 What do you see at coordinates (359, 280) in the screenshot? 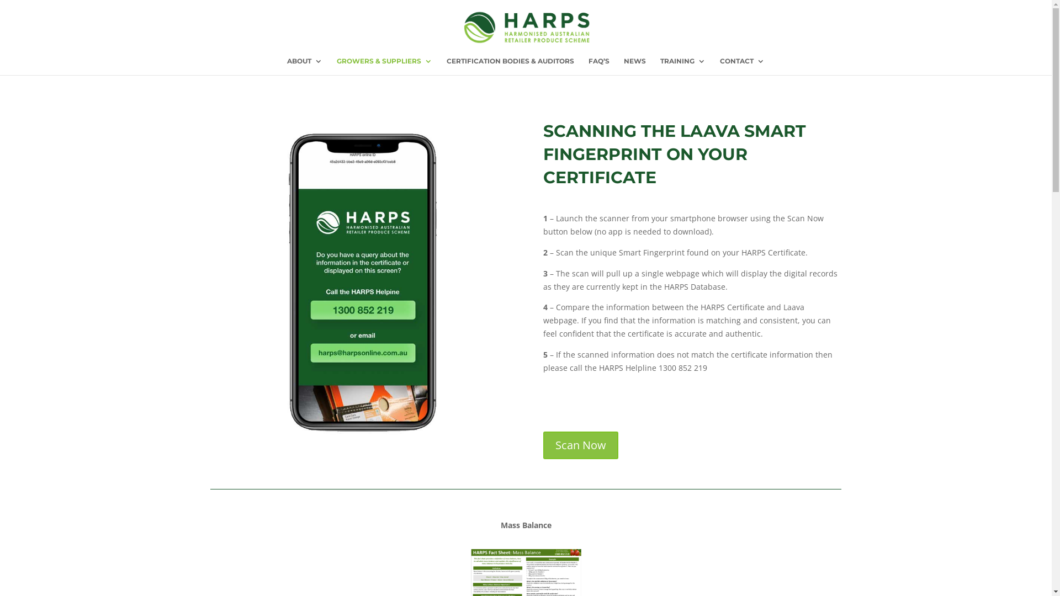
I see `'Laava_Harps_Mobile_Opt'` at bounding box center [359, 280].